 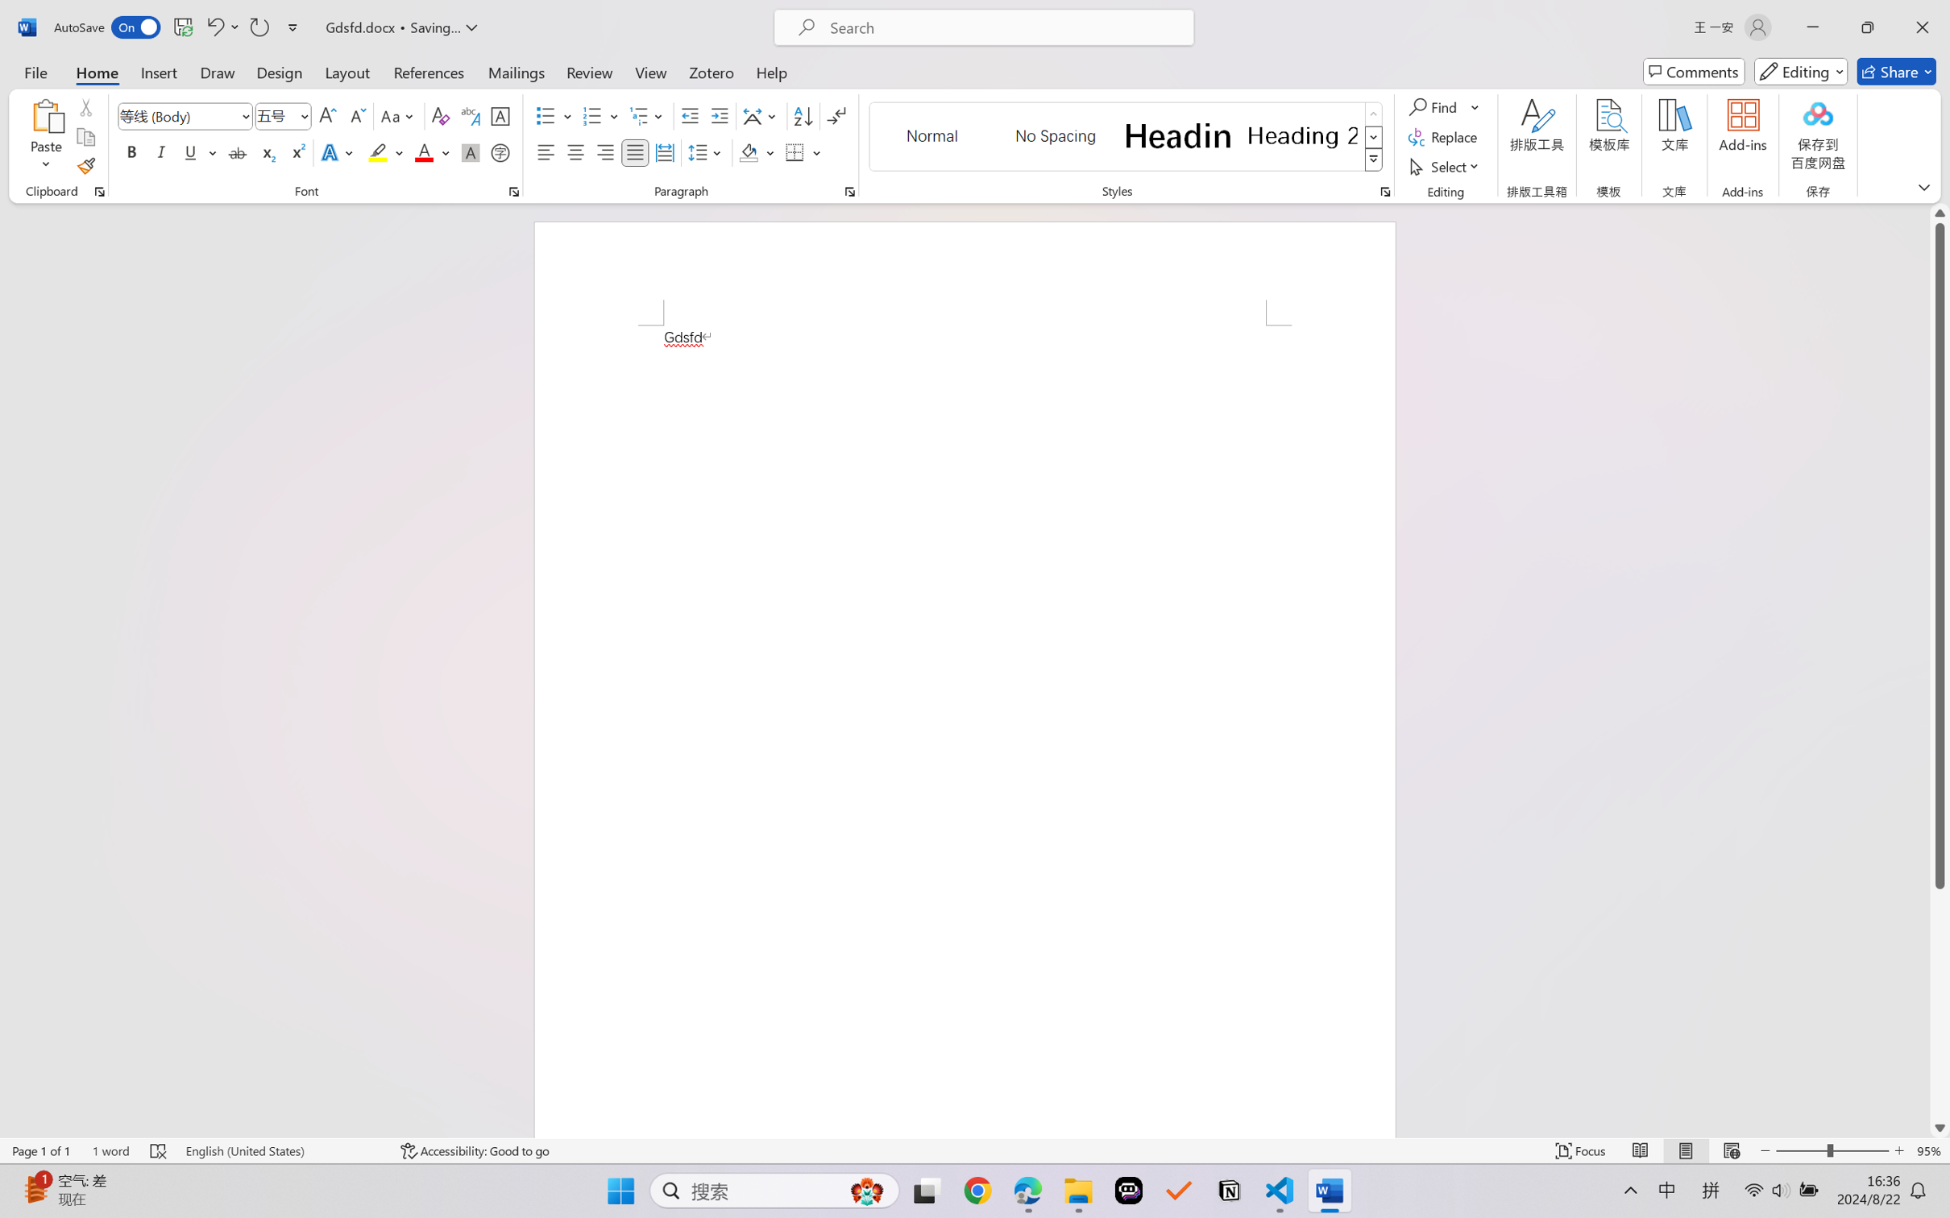 I want to click on 'Office Clipboard...', so click(x=98, y=191).